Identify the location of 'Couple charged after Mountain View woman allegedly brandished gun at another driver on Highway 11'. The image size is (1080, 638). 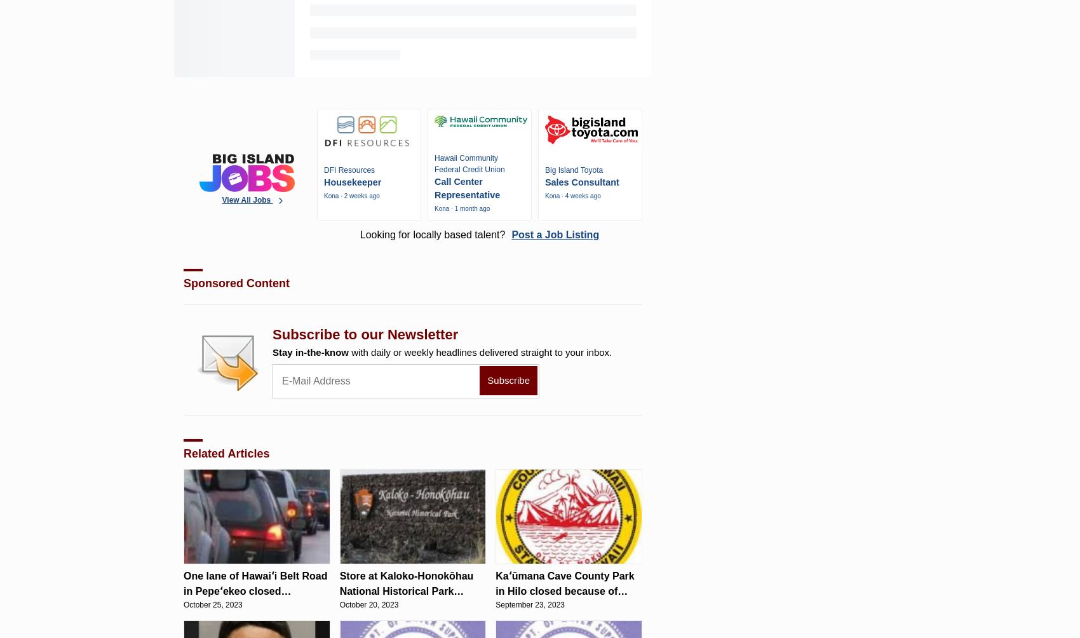
(392, 40).